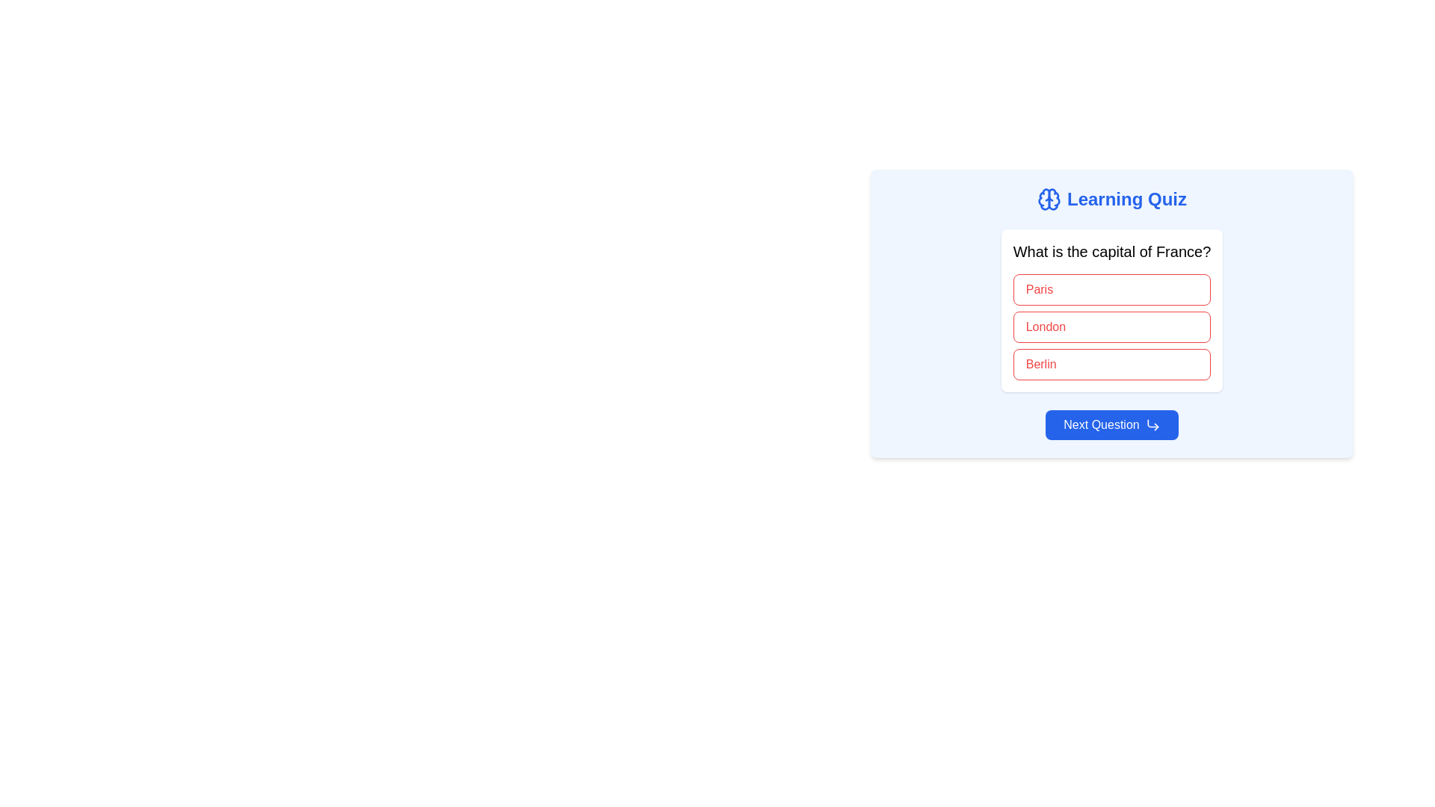 This screenshot has height=807, width=1435. What do you see at coordinates (1043, 198) in the screenshot?
I see `the blue curved shape icon that is part of an SVG graphic, located to the left of the 'Learning Quiz' text` at bounding box center [1043, 198].